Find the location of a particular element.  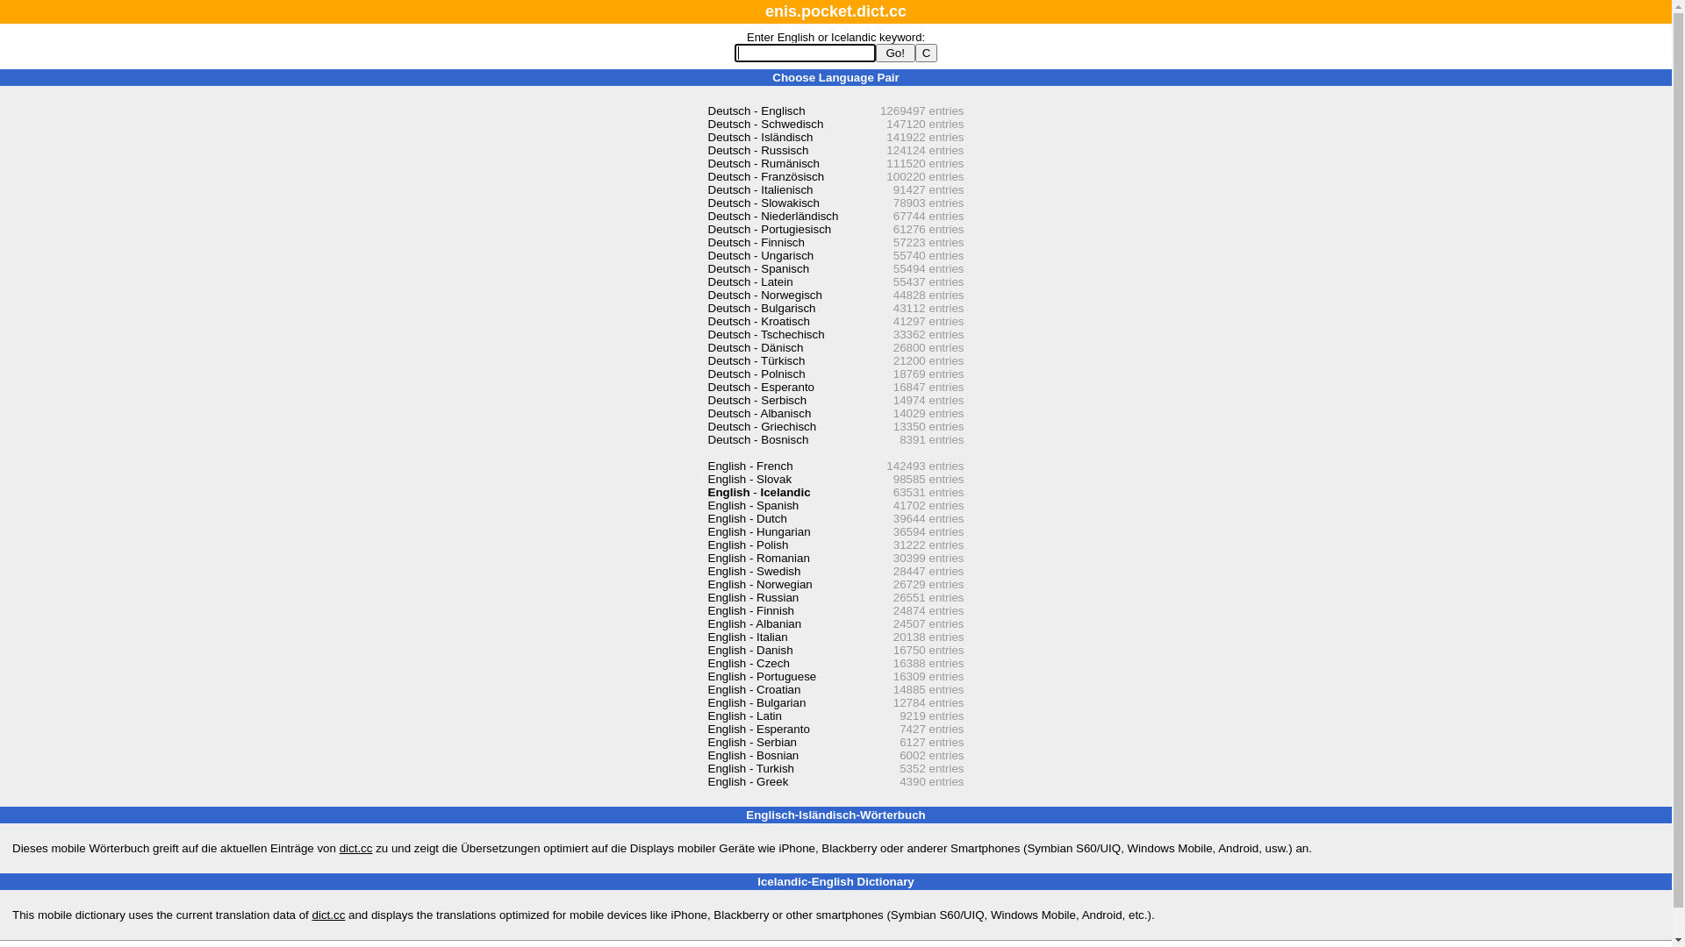

'Deutsch - Tschechisch' is located at coordinates (765, 334).